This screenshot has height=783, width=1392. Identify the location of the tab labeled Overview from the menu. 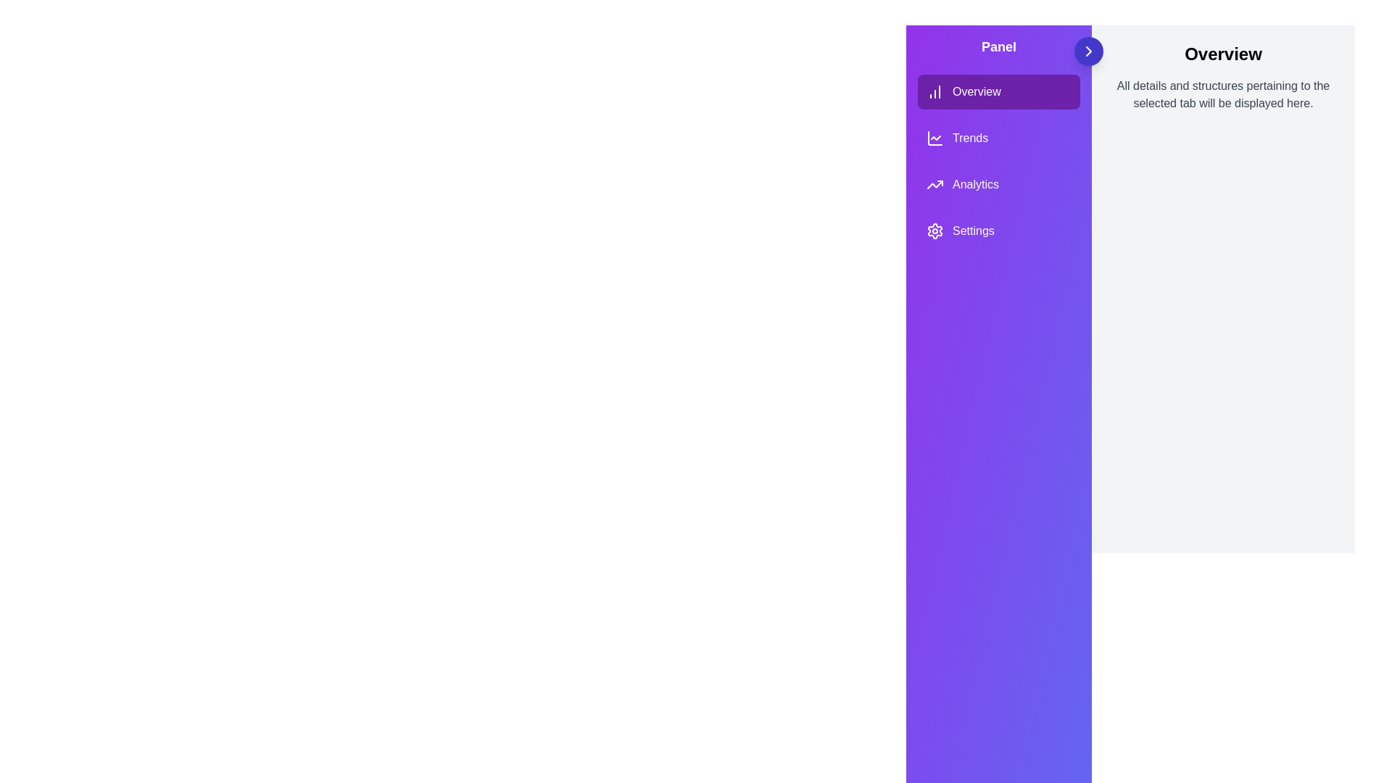
(998, 92).